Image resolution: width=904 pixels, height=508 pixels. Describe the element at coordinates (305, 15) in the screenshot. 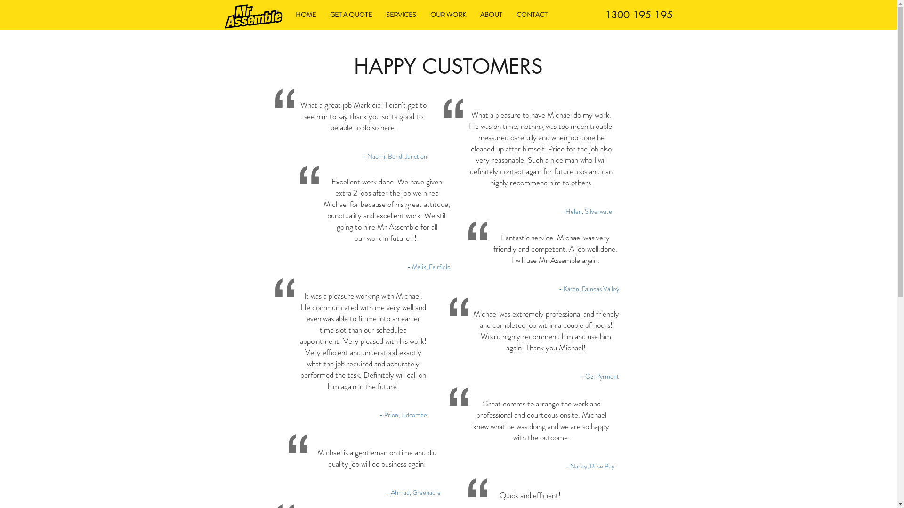

I see `'HOME'` at that location.